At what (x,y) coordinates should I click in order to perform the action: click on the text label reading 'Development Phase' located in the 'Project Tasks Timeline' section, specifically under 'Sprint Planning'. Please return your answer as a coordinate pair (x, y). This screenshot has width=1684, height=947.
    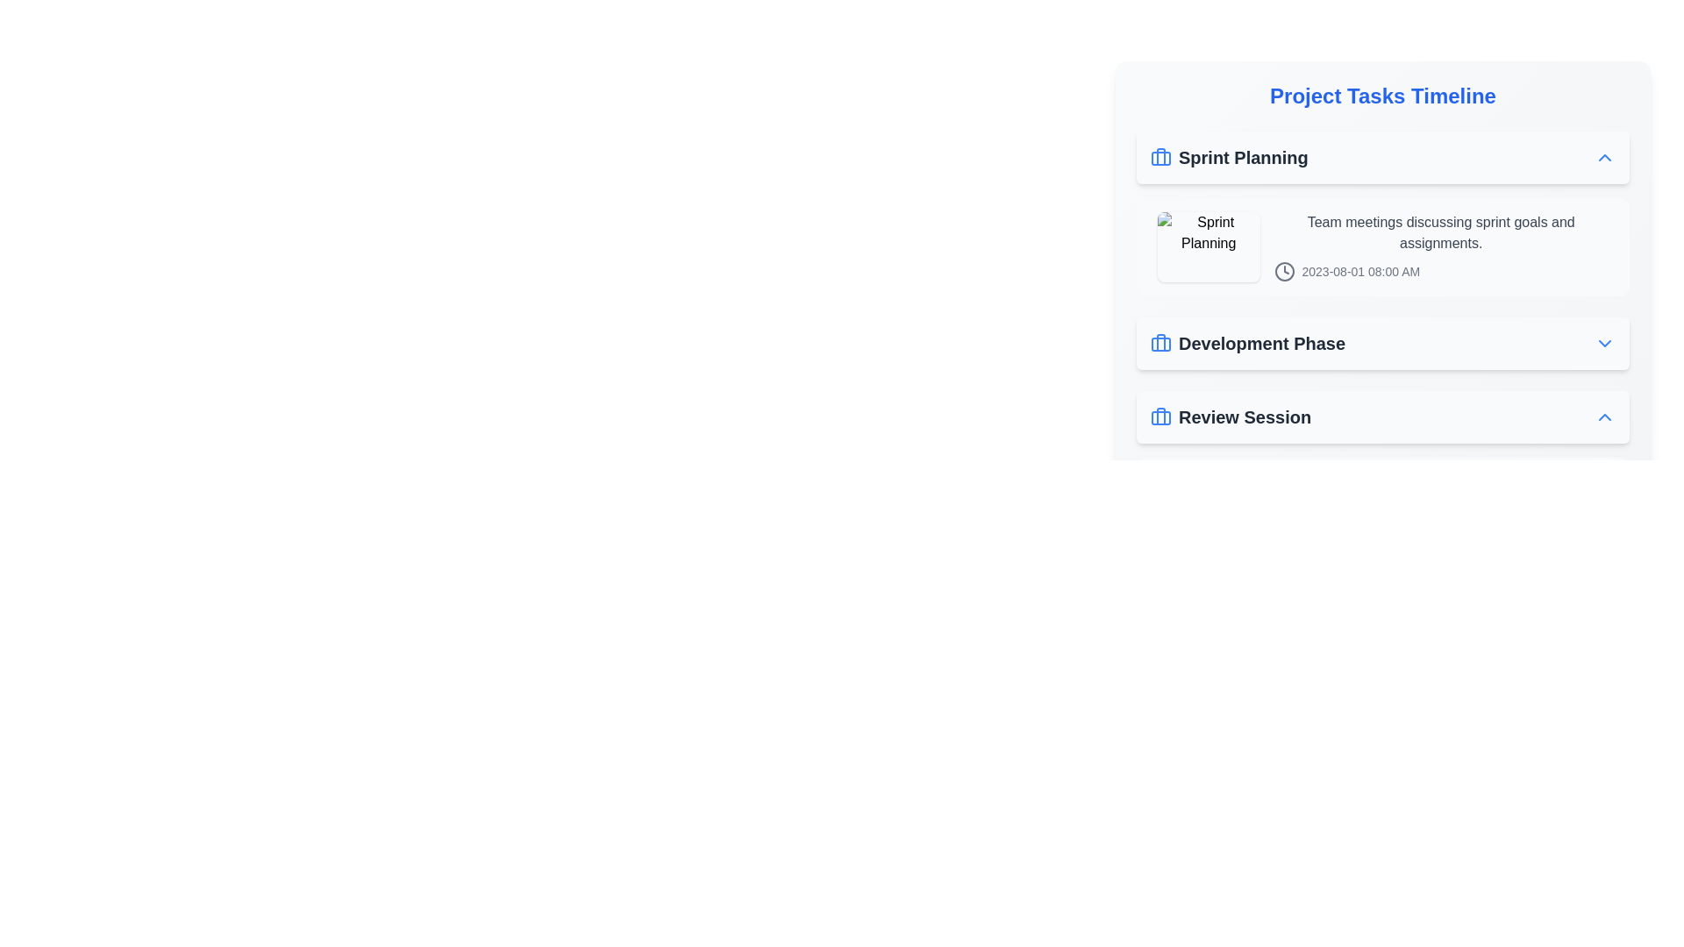
    Looking at the image, I should click on (1261, 344).